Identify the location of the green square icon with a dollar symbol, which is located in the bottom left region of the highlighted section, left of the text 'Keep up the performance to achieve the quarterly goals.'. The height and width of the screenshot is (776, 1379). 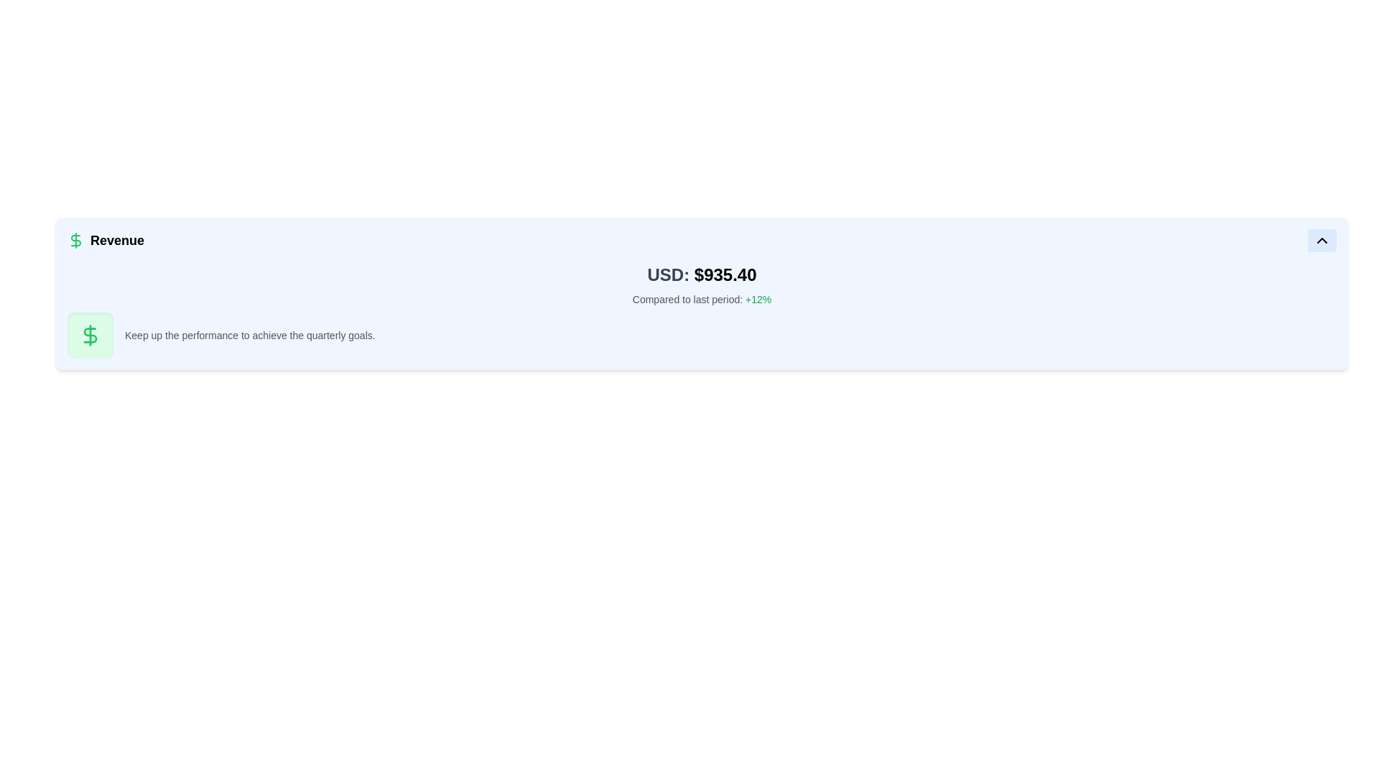
(89, 335).